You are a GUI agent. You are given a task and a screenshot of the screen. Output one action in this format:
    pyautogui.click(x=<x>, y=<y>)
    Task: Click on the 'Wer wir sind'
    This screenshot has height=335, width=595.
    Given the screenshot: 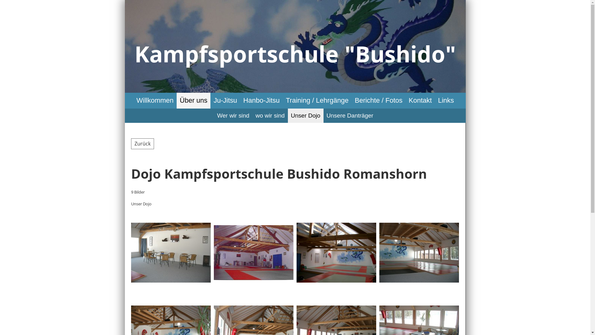 What is the action you would take?
    pyautogui.click(x=233, y=116)
    